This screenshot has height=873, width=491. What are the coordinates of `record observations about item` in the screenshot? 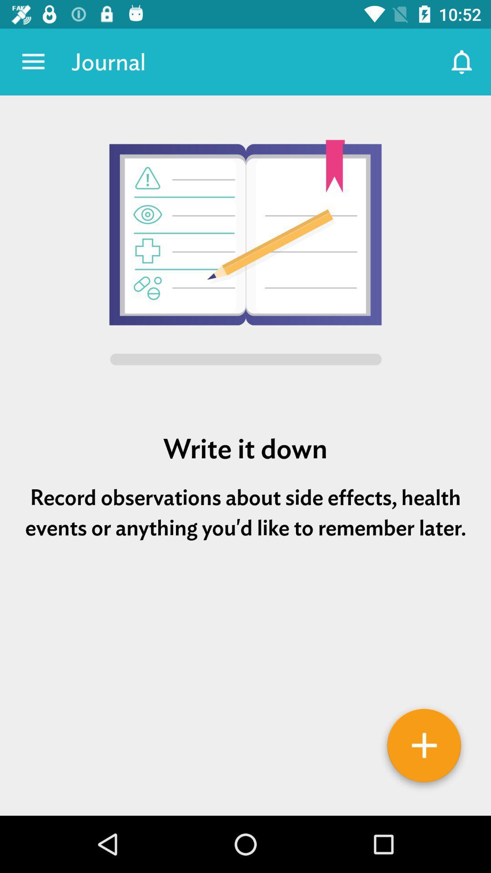 It's located at (245, 512).